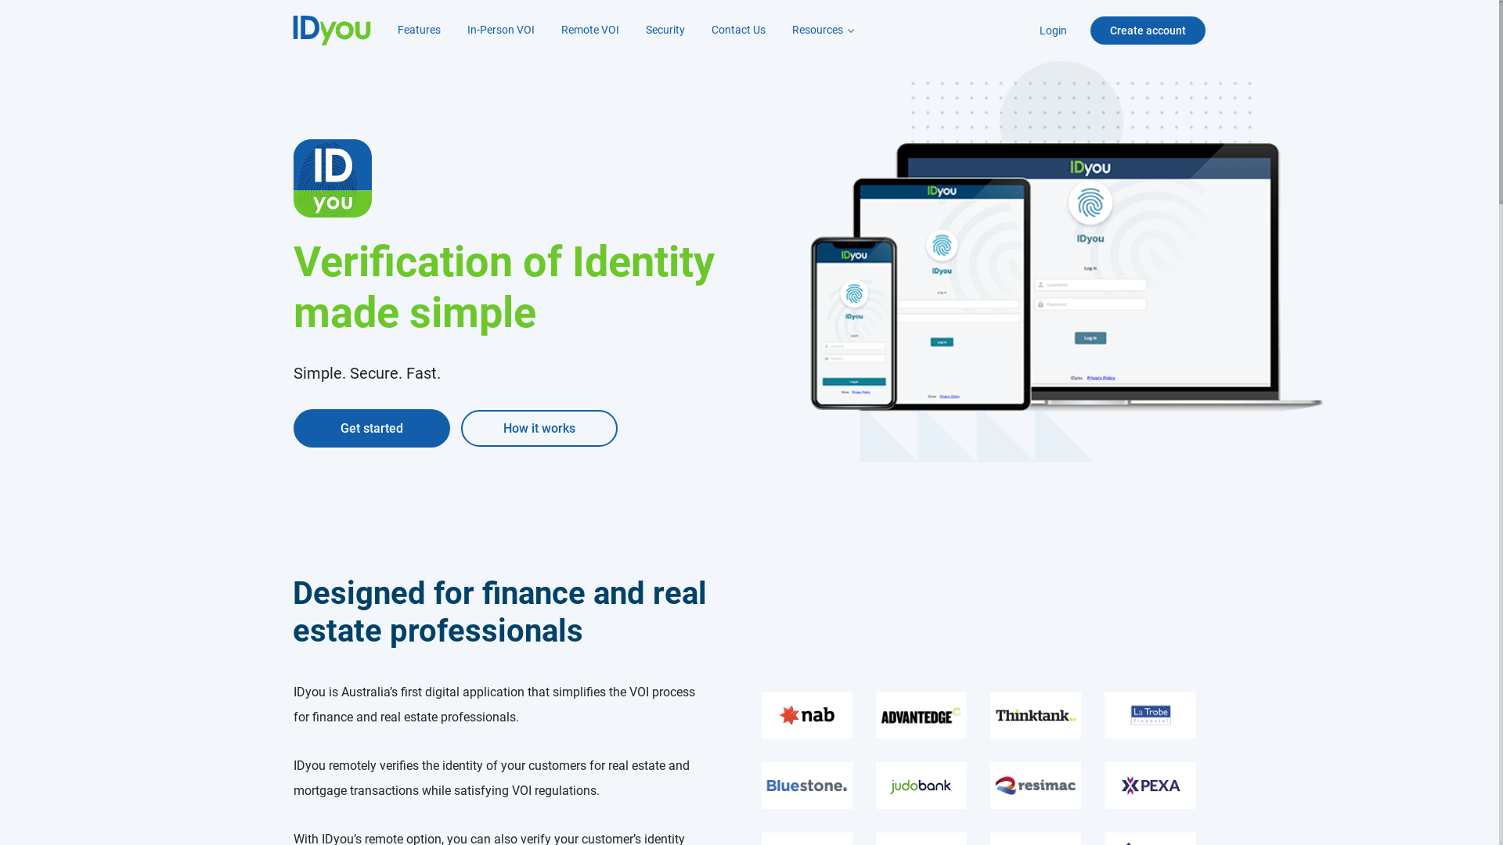 This screenshot has height=845, width=1503. What do you see at coordinates (460, 428) in the screenshot?
I see `'How it works'` at bounding box center [460, 428].